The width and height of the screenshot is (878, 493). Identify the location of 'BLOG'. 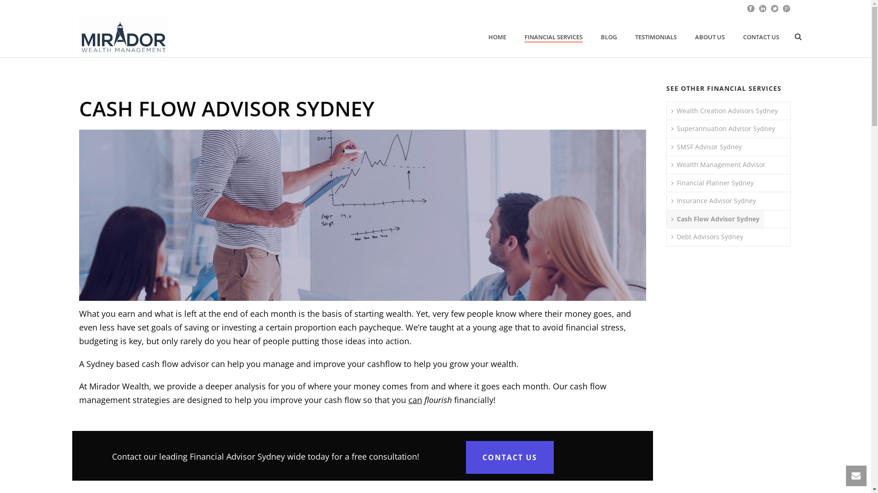
(609, 37).